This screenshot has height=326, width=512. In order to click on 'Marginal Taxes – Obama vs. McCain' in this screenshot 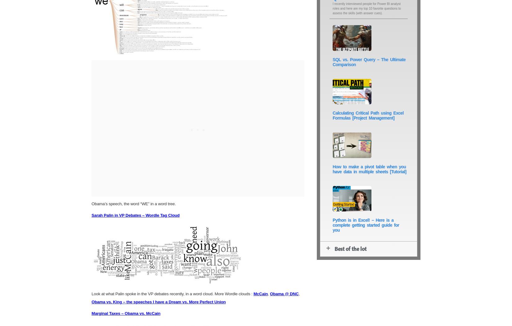, I will do `click(92, 313)`.